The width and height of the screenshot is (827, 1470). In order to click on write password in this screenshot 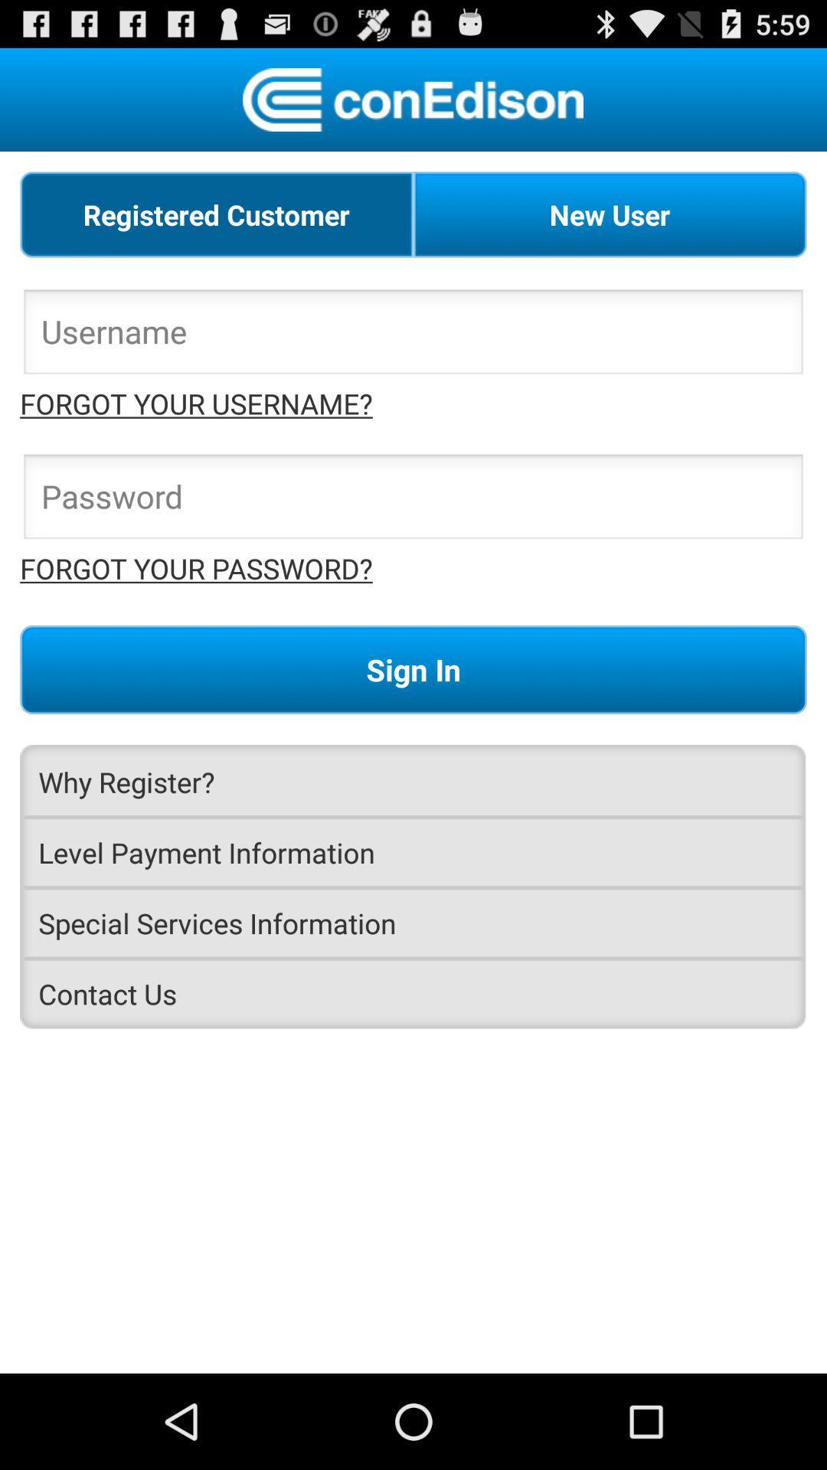, I will do `click(413, 501)`.